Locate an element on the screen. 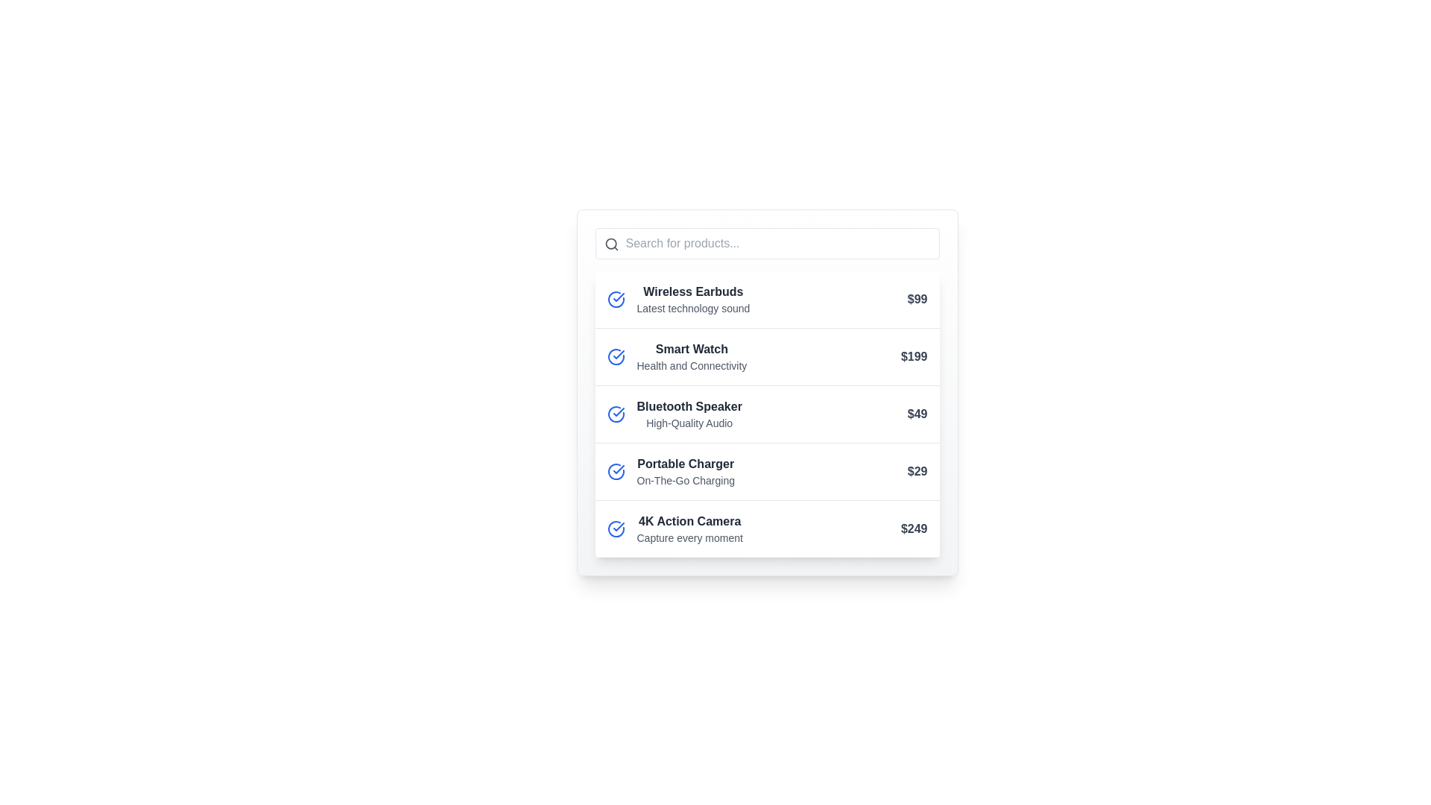 The height and width of the screenshot is (805, 1431). the List Item for 'Smart Watch' is located at coordinates (767, 356).